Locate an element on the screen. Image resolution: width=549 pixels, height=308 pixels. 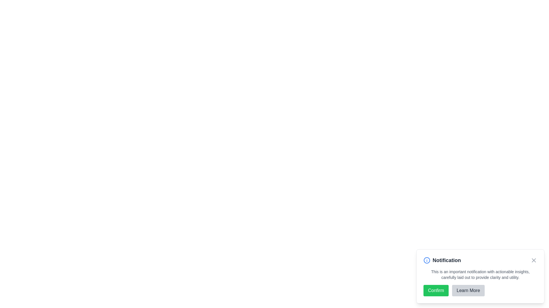
the close button located at the top-right corner of the notification box is located at coordinates (534, 260).